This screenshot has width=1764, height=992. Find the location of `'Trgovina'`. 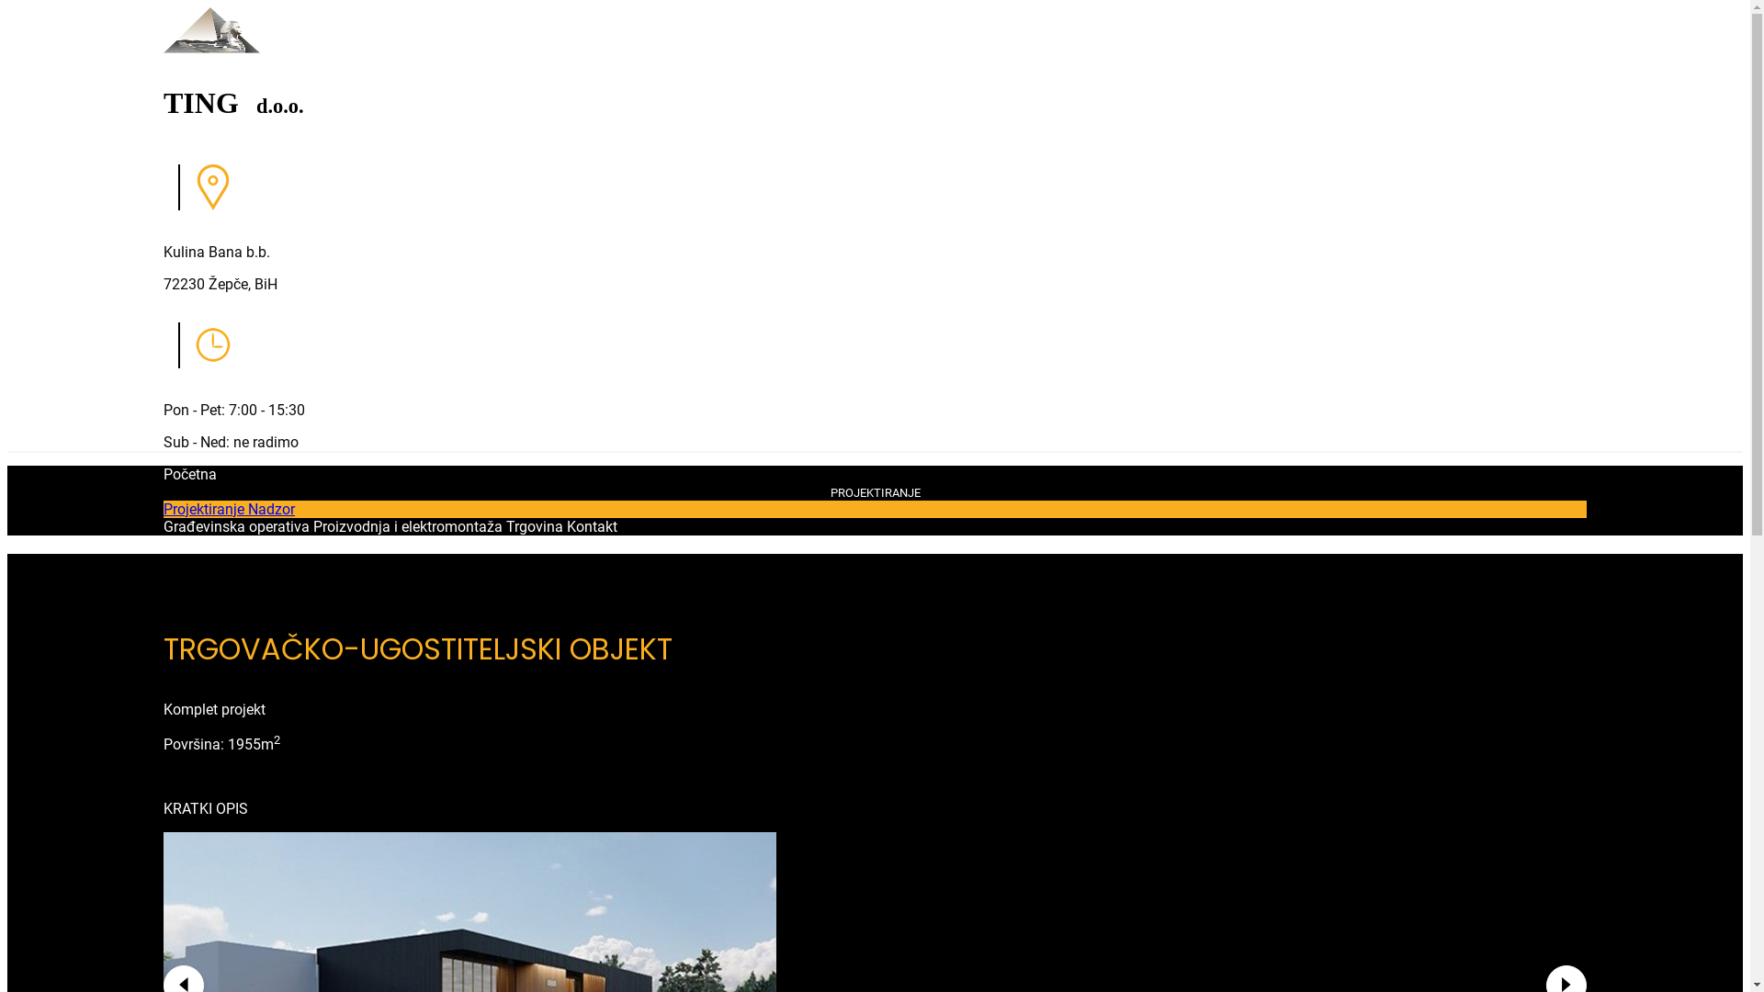

'Trgovina' is located at coordinates (506, 526).